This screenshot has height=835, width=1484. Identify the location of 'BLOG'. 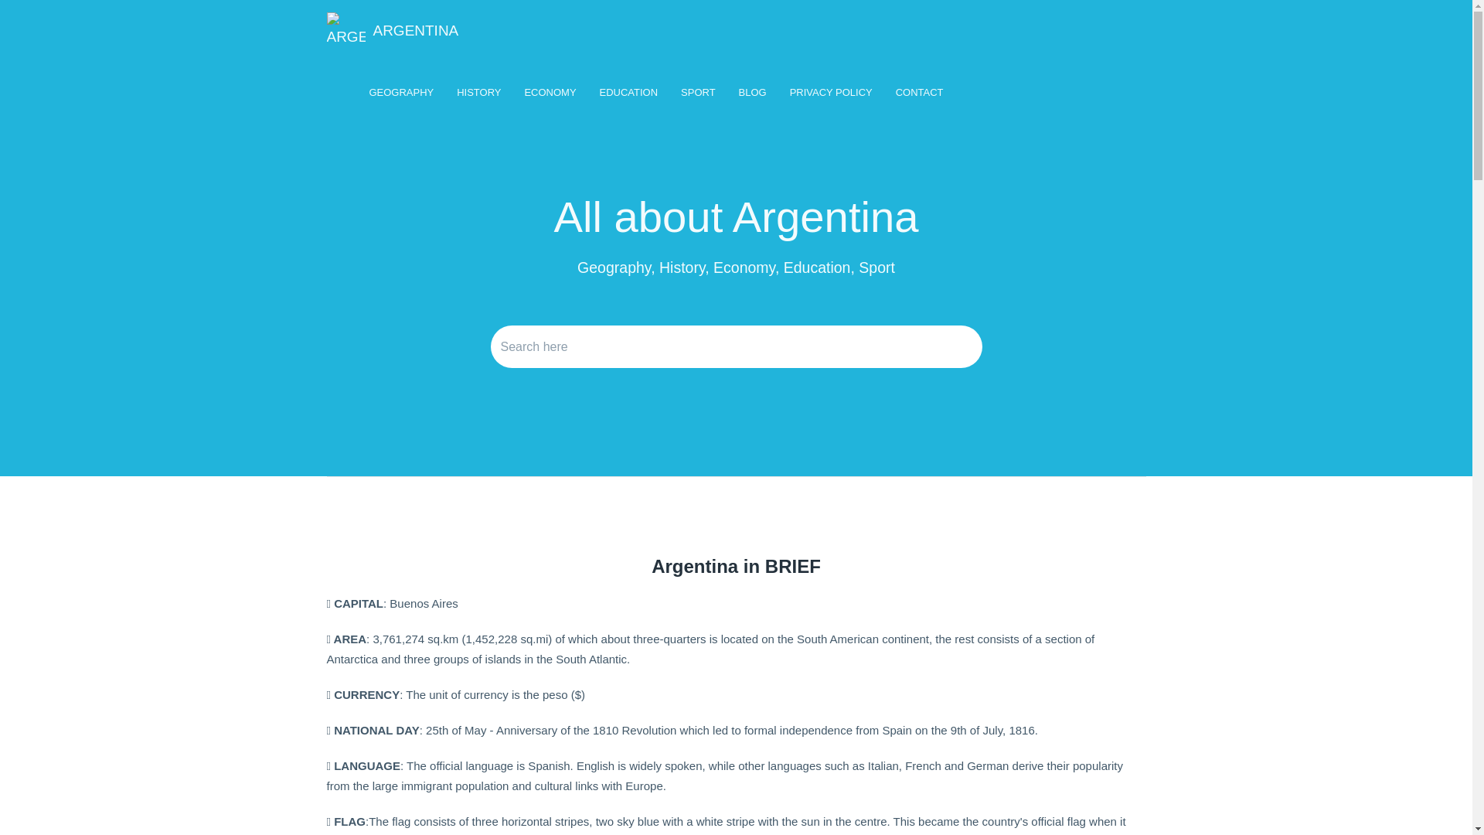
(753, 92).